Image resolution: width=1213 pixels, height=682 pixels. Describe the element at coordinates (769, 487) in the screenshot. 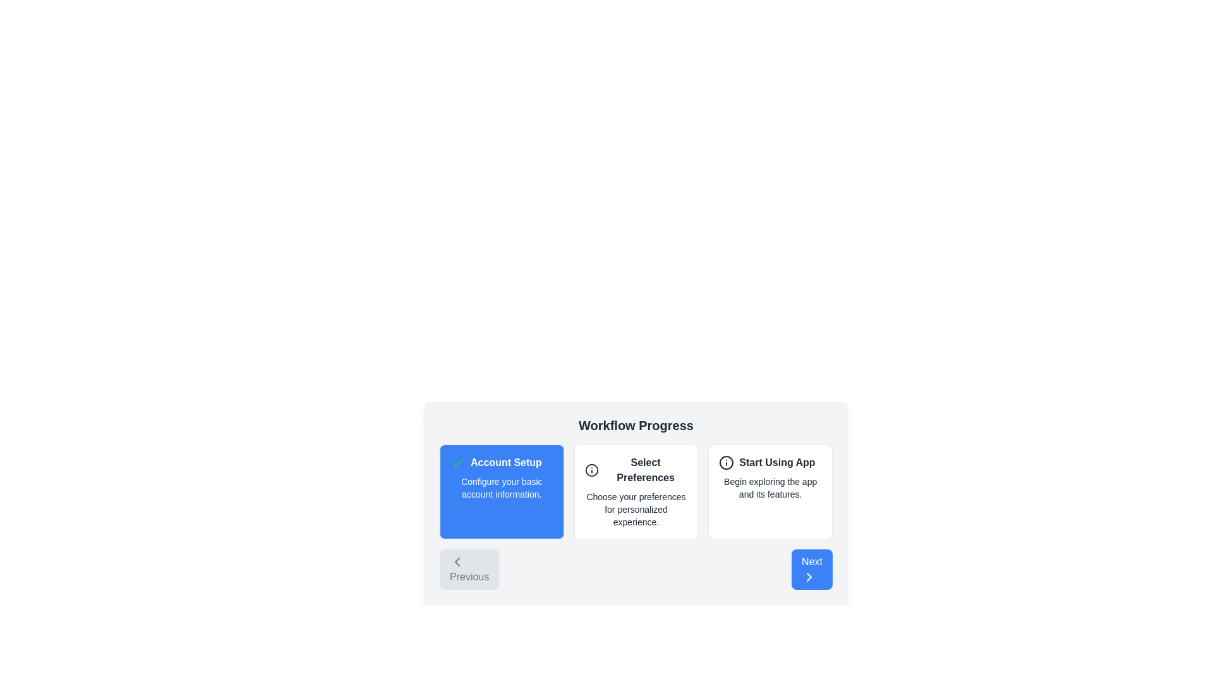

I see `the informational text element located directly below the 'Start Using App' bold text, which provides additional context or instructions` at that location.